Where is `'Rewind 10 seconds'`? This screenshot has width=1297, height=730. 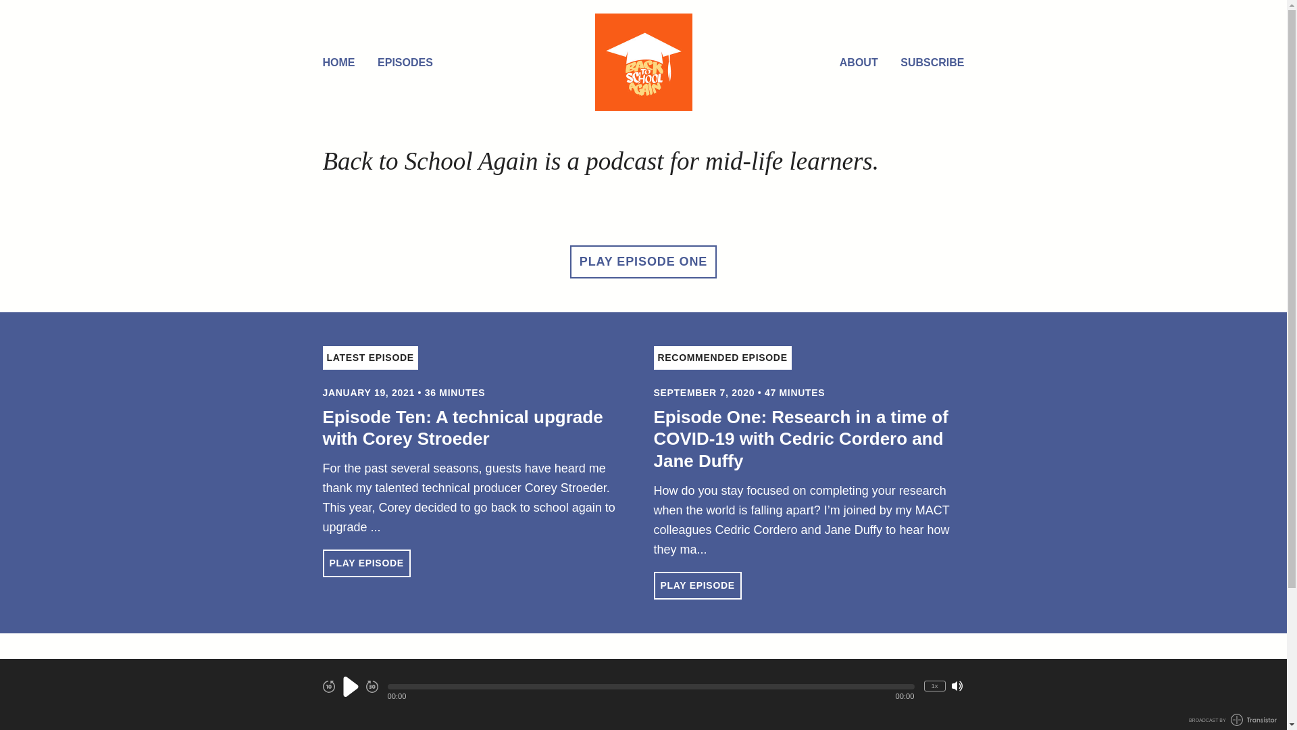
'Rewind 10 seconds' is located at coordinates (328, 685).